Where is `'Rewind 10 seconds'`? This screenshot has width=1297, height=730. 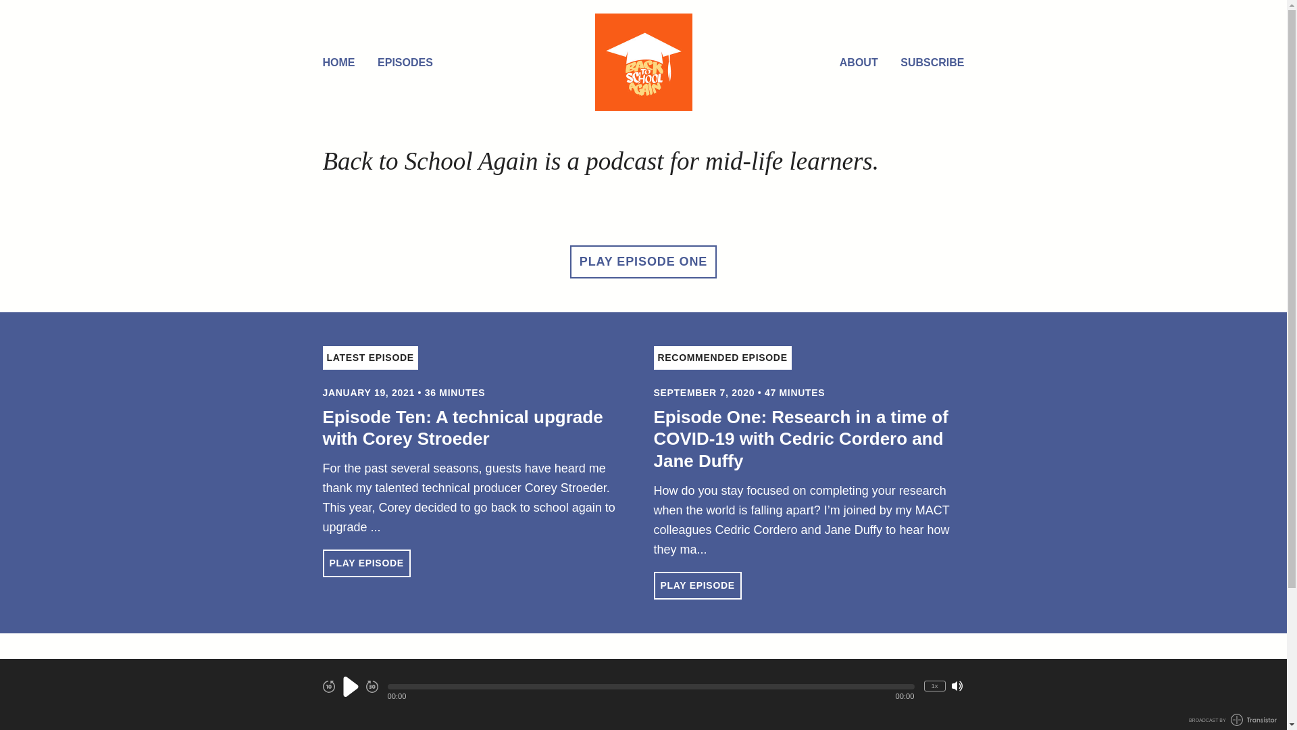
'Rewind 10 seconds' is located at coordinates (328, 685).